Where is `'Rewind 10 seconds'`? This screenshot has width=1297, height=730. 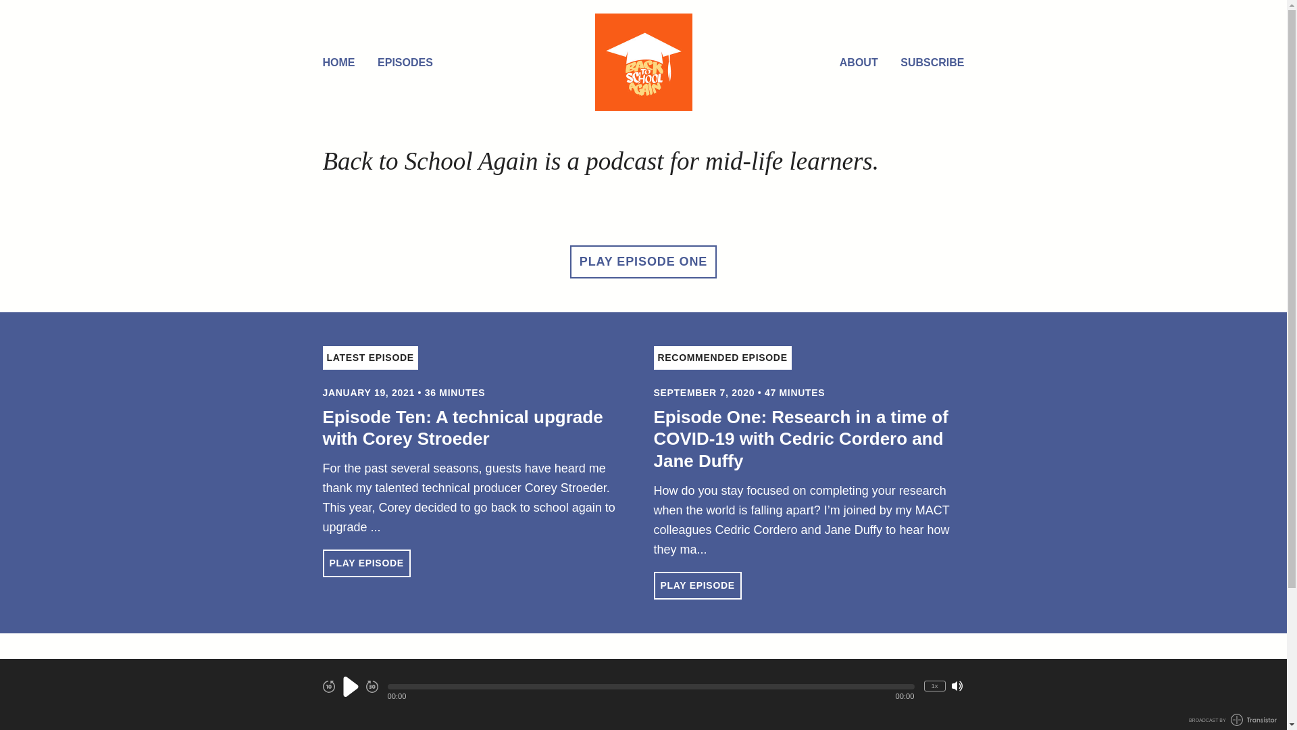
'Rewind 10 seconds' is located at coordinates (328, 685).